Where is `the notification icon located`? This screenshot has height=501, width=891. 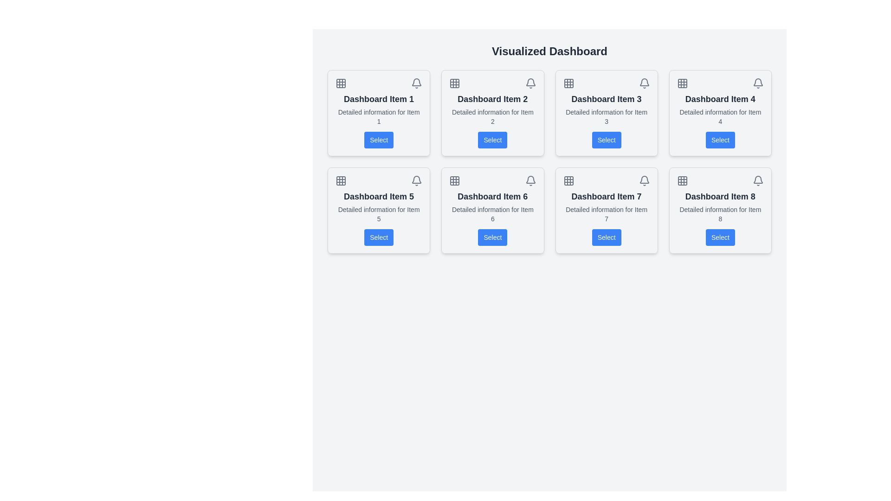 the notification icon located is located at coordinates (758, 180).